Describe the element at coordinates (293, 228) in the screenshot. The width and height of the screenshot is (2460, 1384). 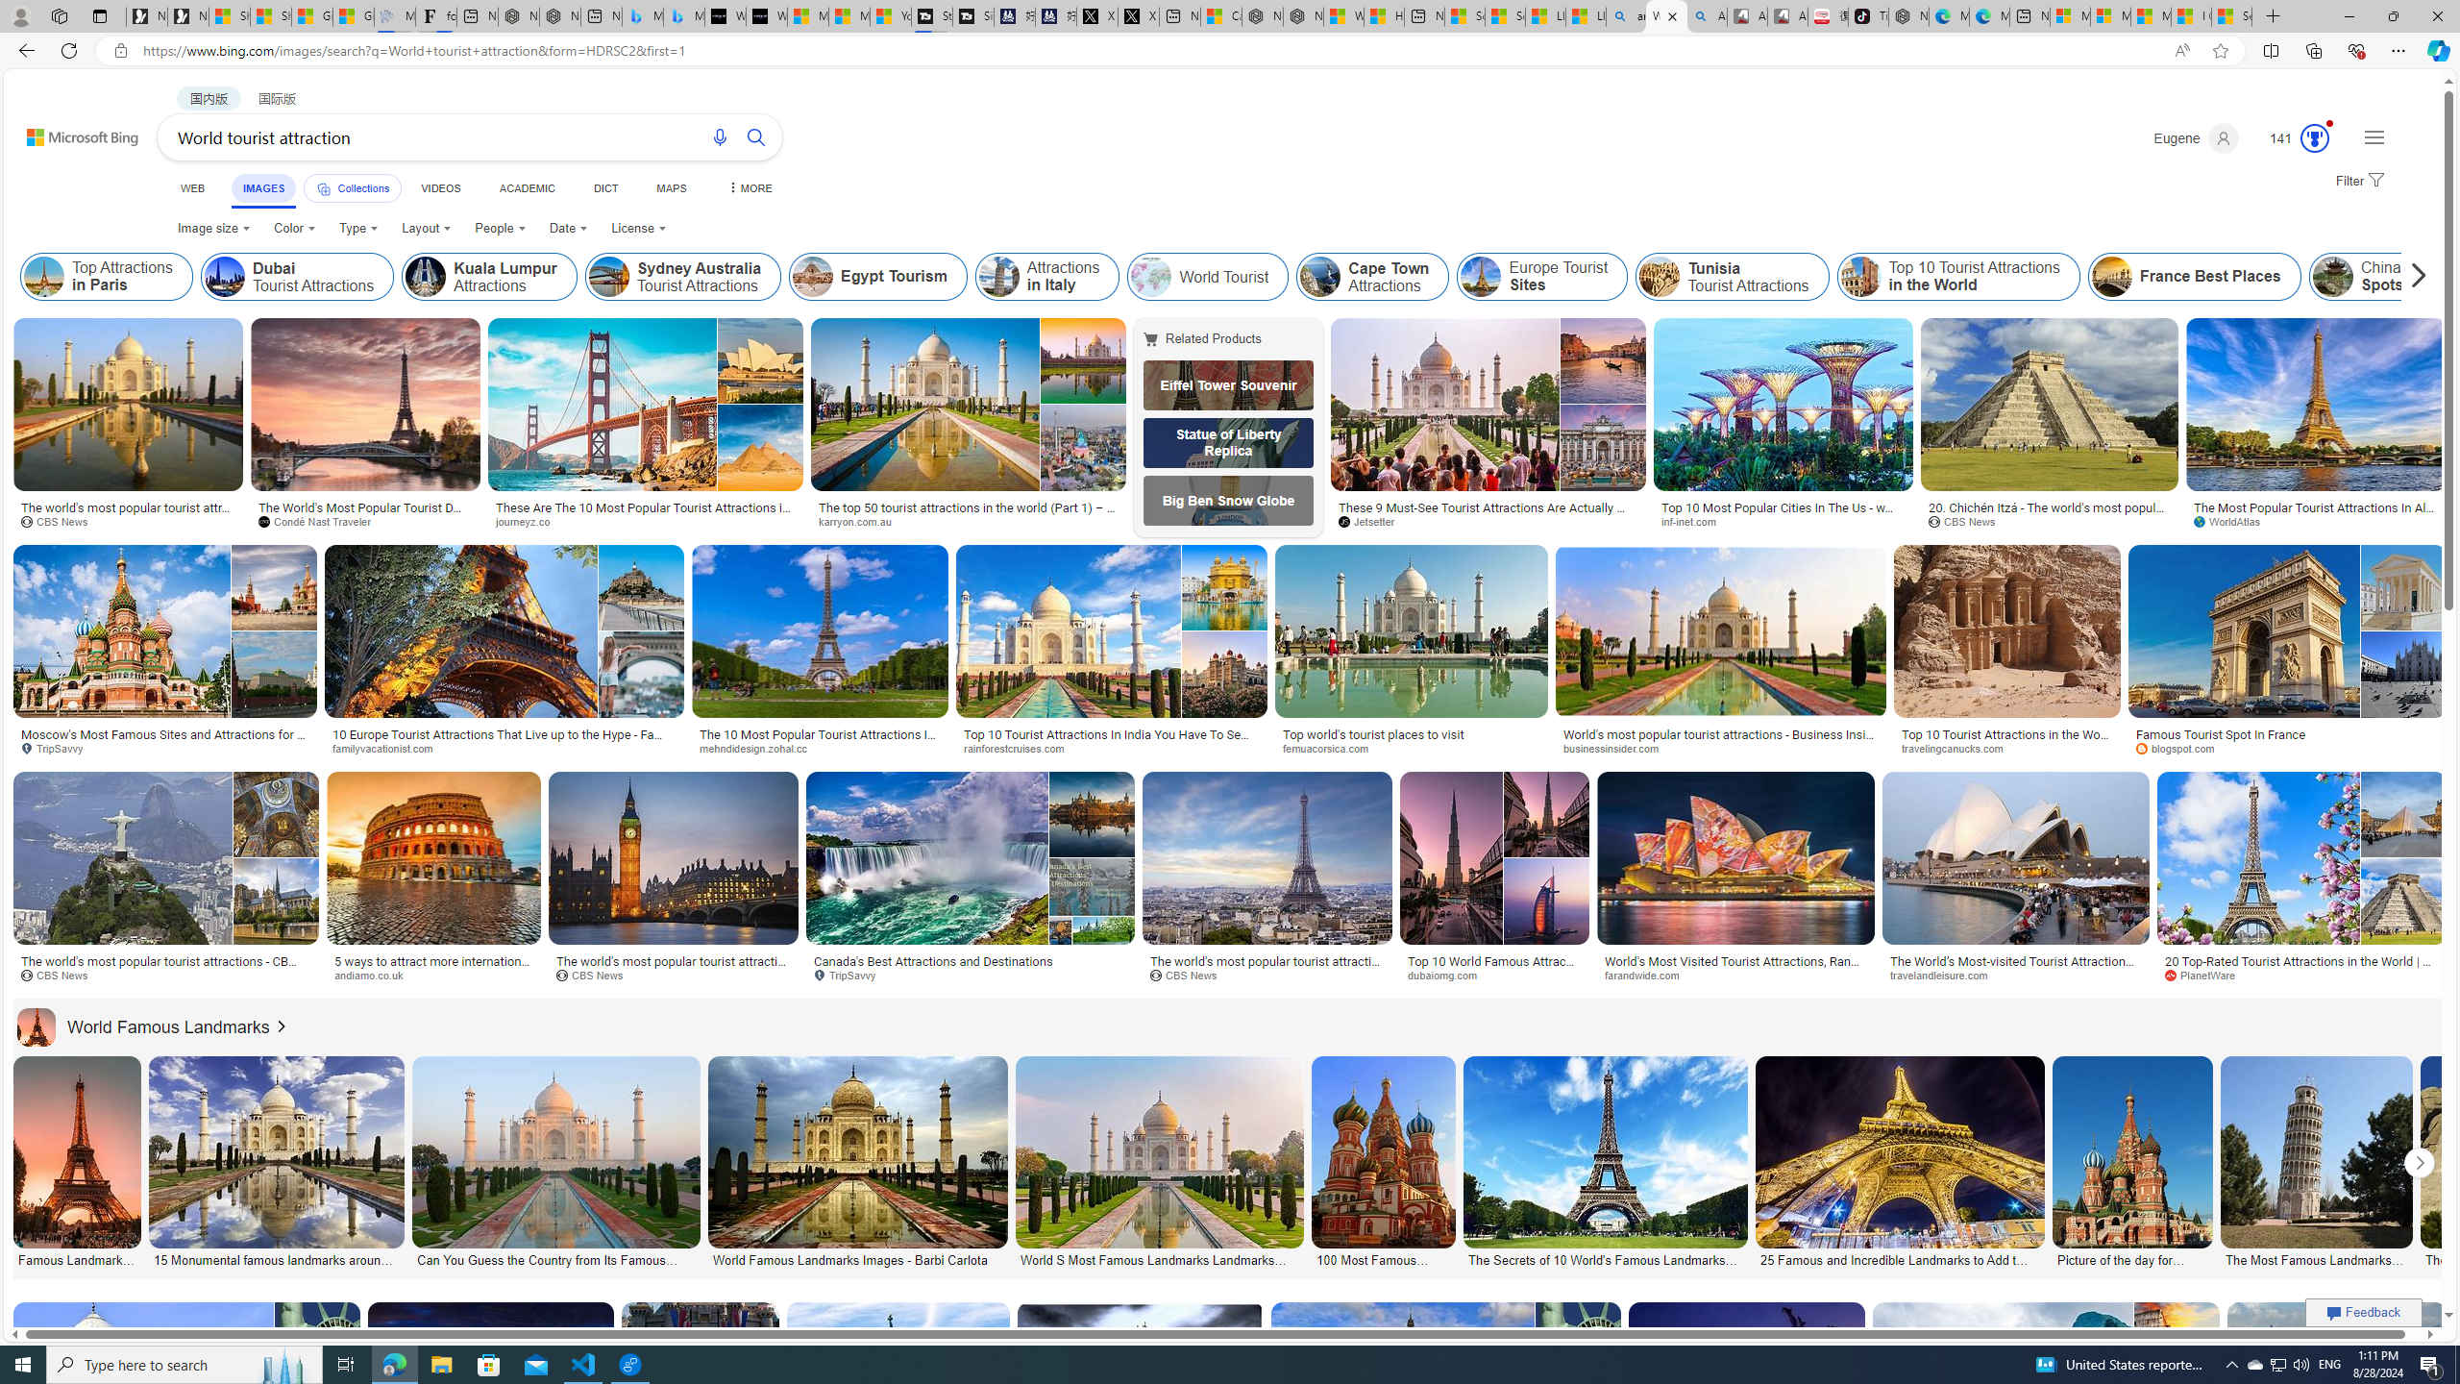
I see `'Color'` at that location.